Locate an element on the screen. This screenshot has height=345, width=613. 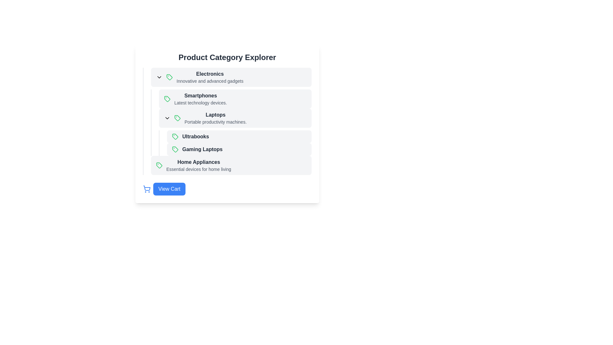
the Text Label that summarizes the 'Smartphones' product category, located beneath the 'Smartphones' heading in the 'Electronics' section is located at coordinates (200, 102).